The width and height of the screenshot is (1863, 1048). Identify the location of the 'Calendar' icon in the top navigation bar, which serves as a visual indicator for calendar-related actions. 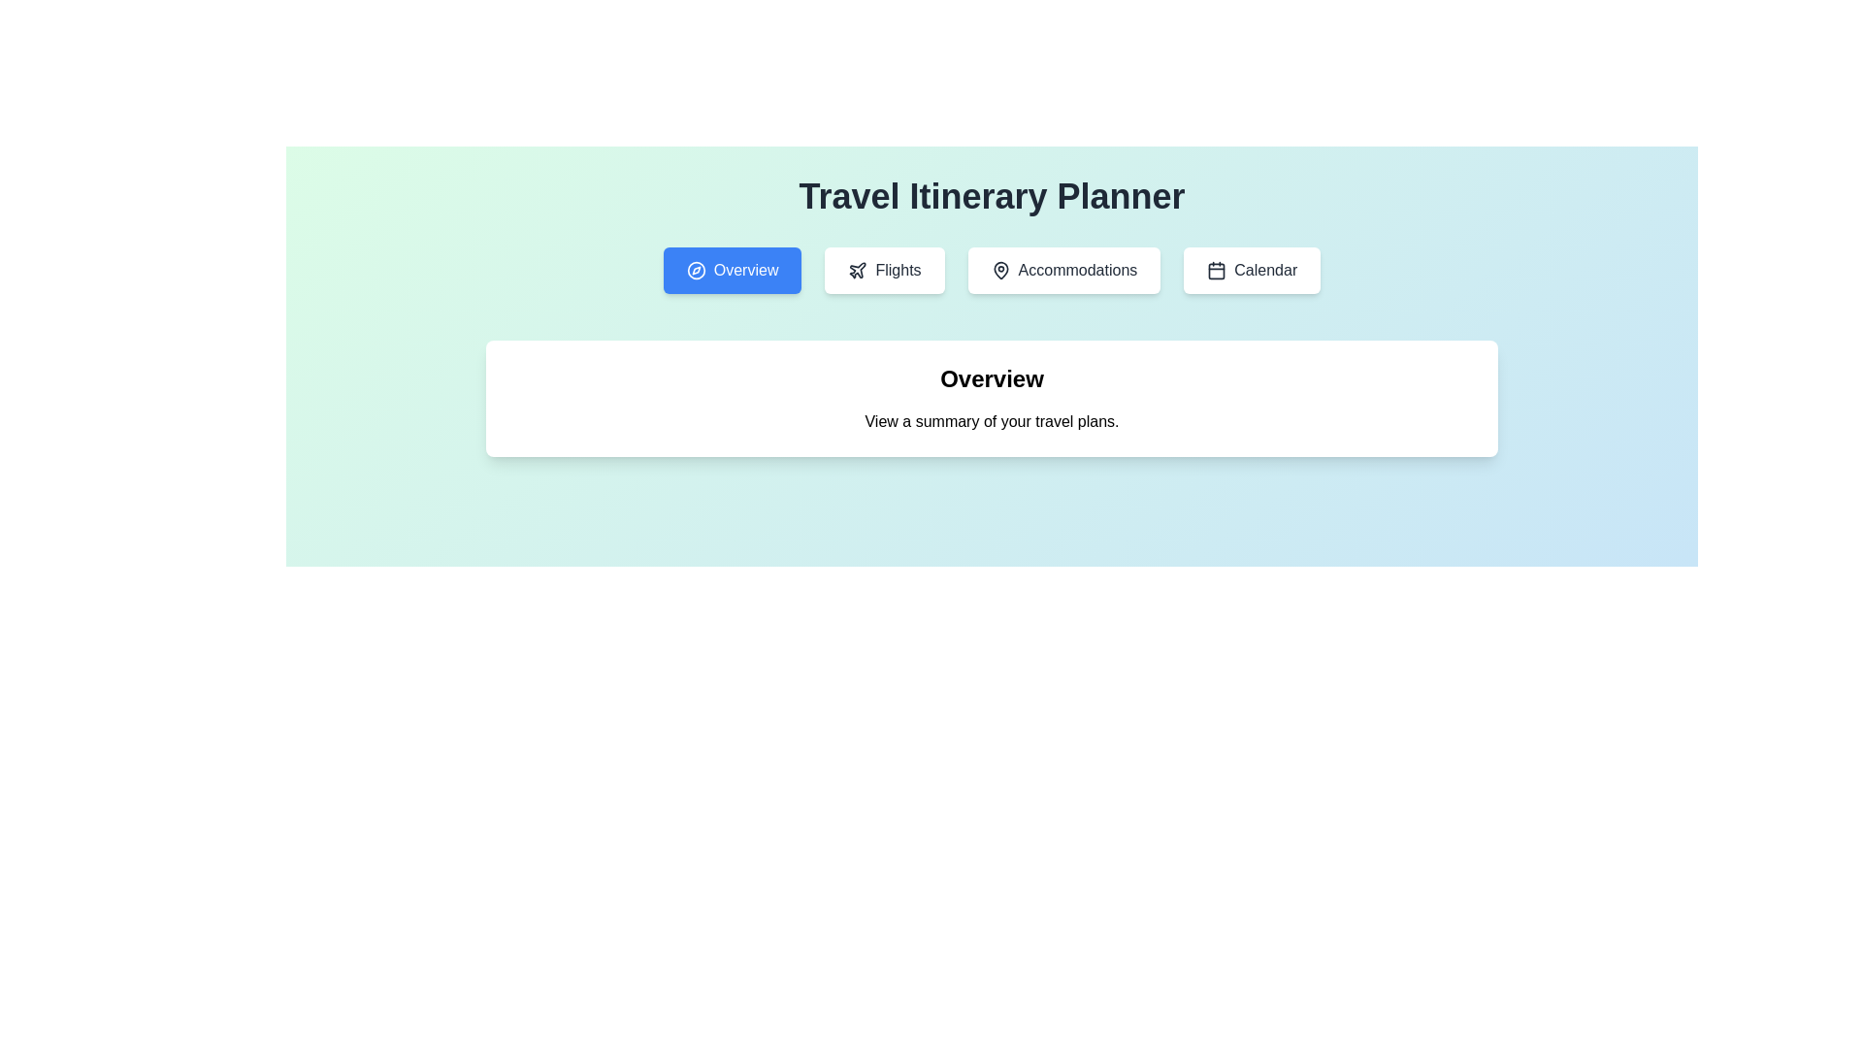
(1216, 270).